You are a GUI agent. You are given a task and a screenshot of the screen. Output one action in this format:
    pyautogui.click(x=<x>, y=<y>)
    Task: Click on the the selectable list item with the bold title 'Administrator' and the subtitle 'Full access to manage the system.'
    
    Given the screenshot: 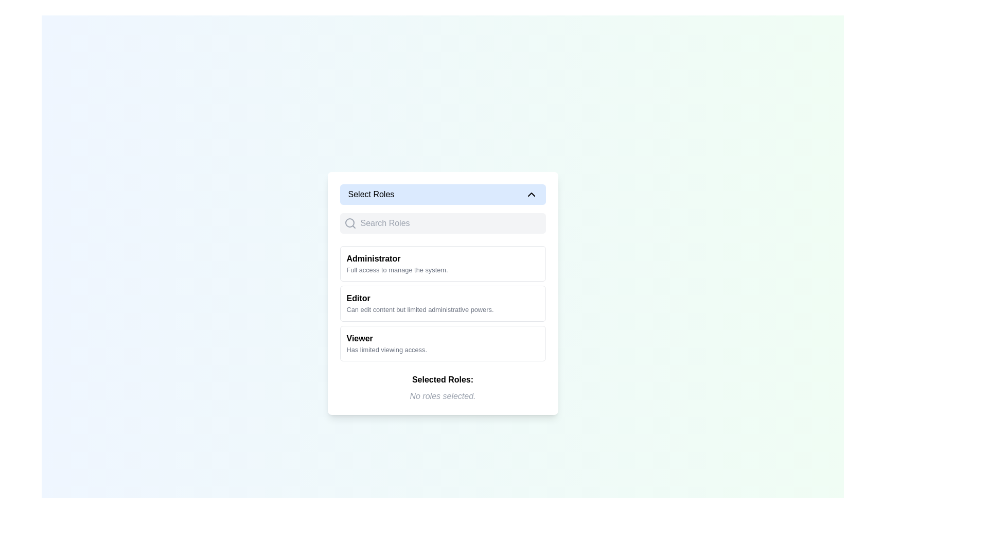 What is the action you would take?
    pyautogui.click(x=443, y=263)
    